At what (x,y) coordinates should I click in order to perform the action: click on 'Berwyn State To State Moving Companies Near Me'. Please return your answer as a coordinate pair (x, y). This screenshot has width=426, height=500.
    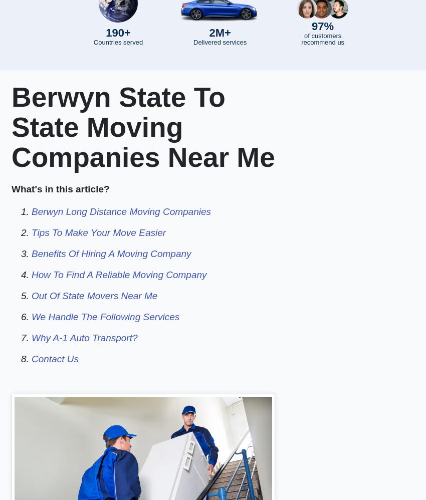
    Looking at the image, I should click on (11, 126).